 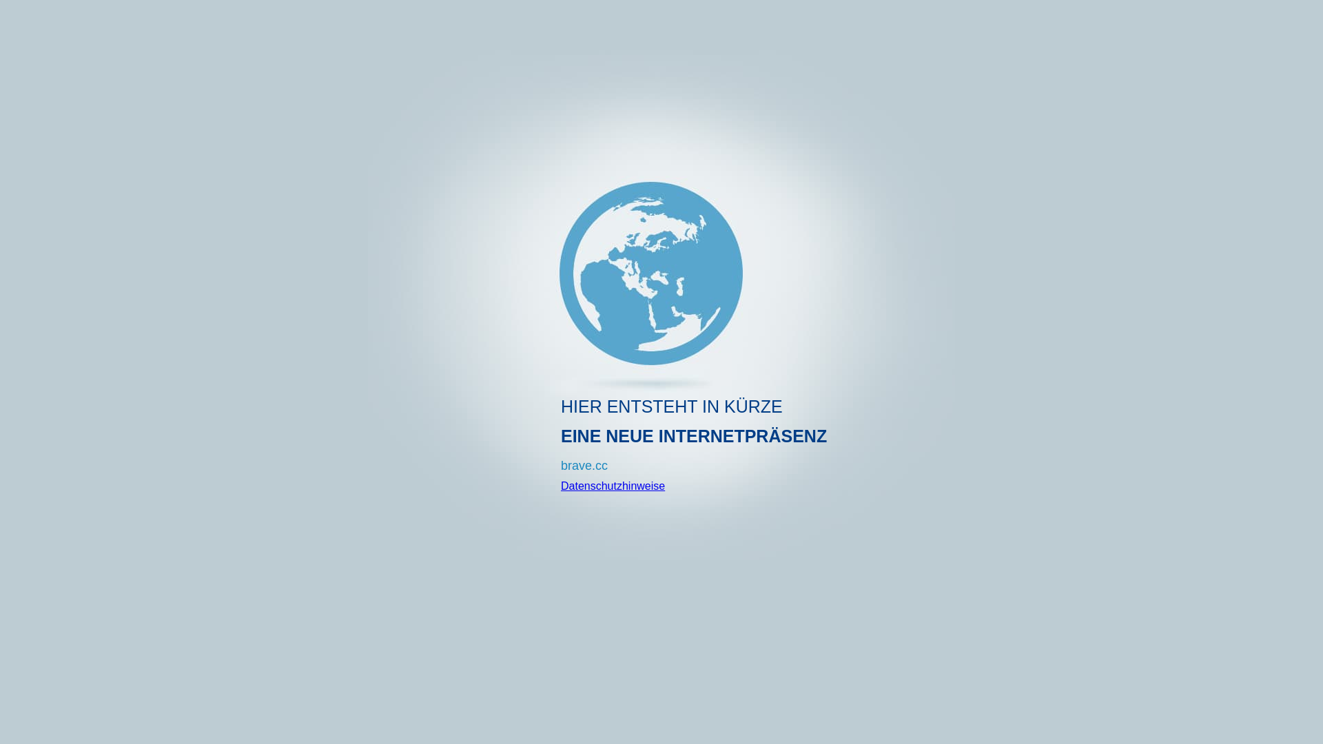 What do you see at coordinates (561, 485) in the screenshot?
I see `'Datenschutzhinweise'` at bounding box center [561, 485].